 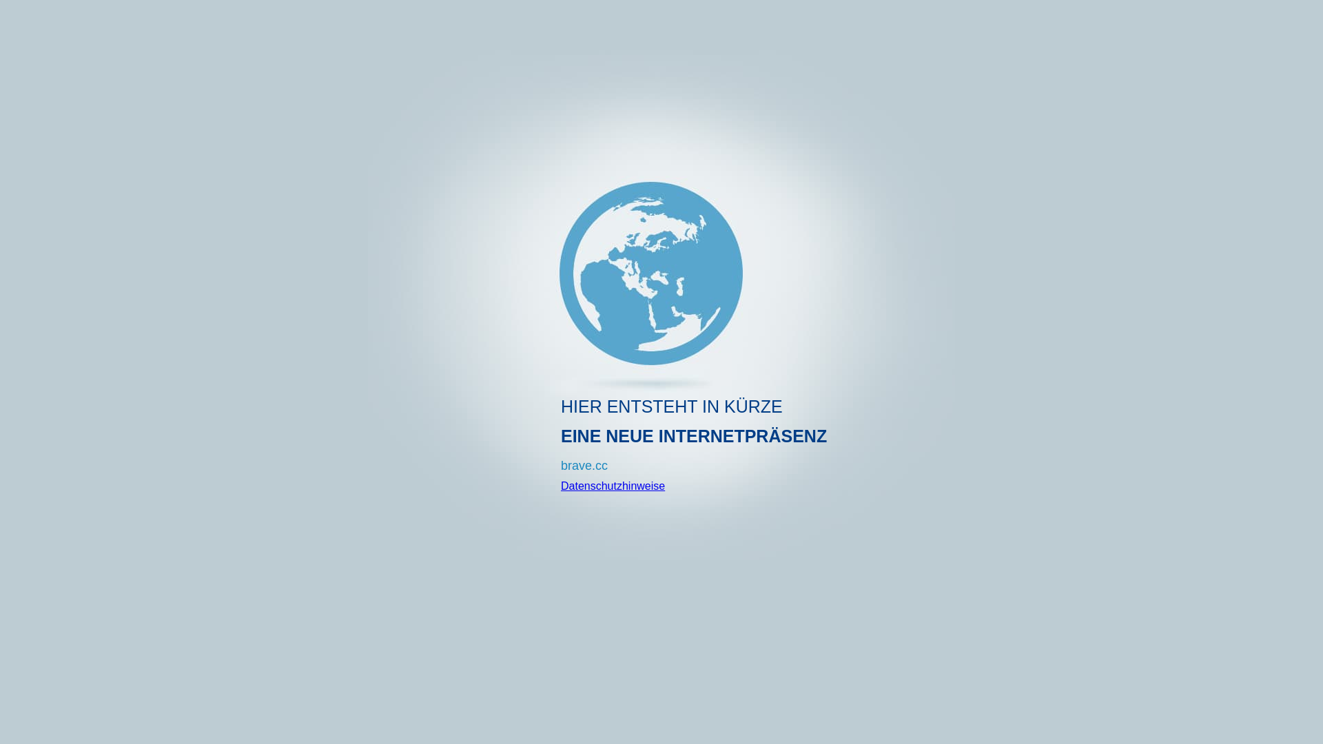 What do you see at coordinates (561, 485) in the screenshot?
I see `'Datenschutzhinweise'` at bounding box center [561, 485].